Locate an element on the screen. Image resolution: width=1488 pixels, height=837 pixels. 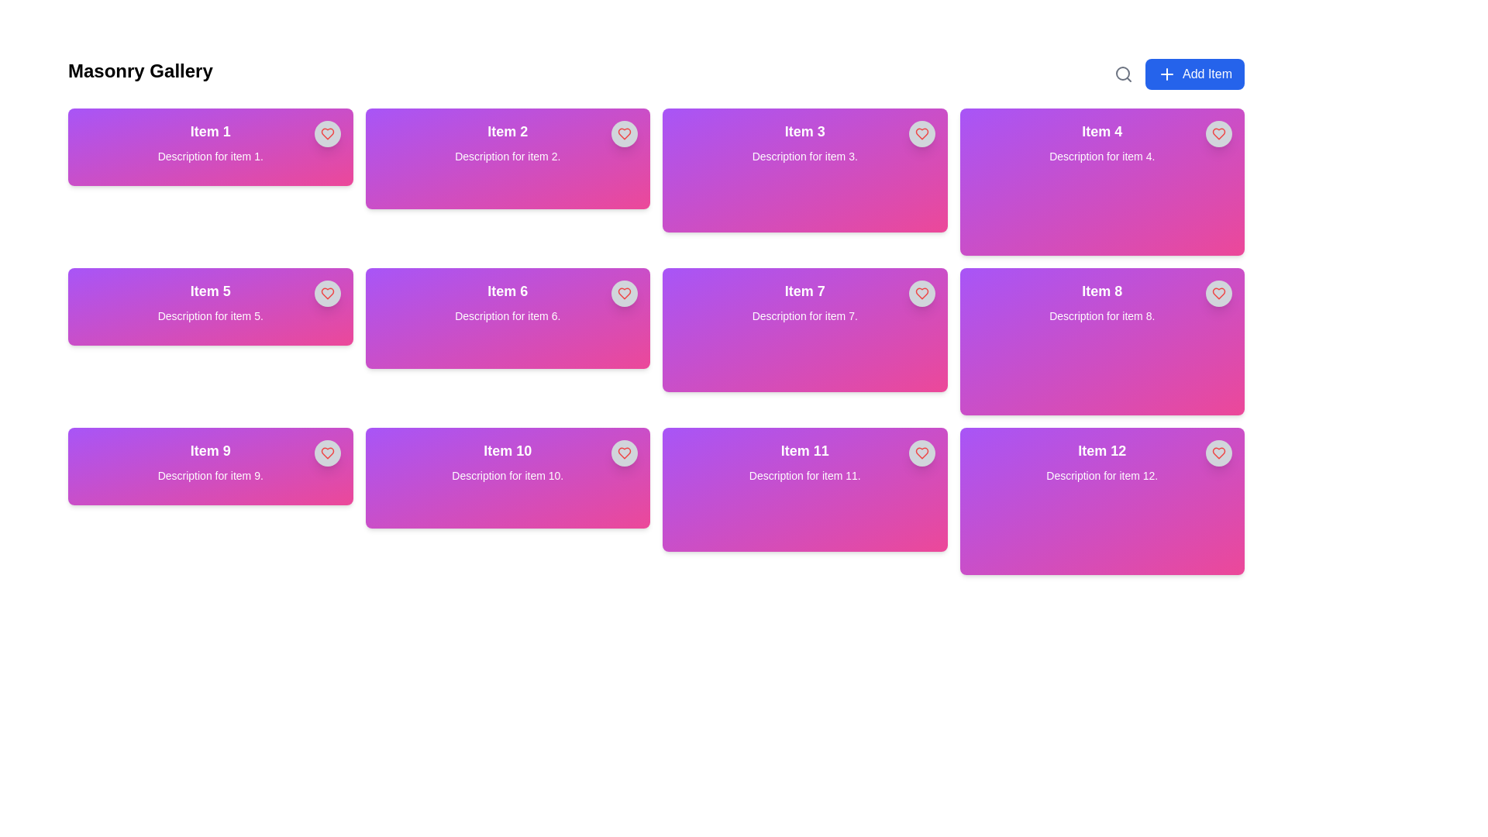
the bold static text labeled 'Item 10', which is prominently displayed in white on a gradient purple-pink background, located at the upper portion of a card layout is located at coordinates (508, 451).